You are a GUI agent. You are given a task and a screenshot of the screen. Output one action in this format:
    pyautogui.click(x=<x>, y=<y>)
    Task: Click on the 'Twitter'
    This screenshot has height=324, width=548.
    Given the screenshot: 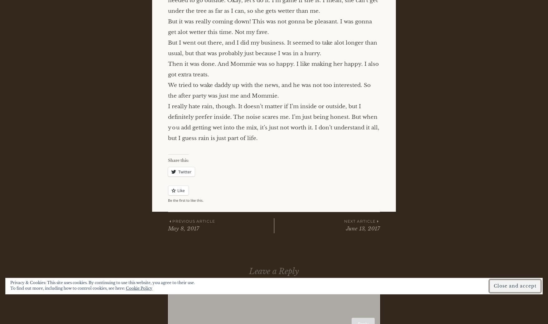 What is the action you would take?
    pyautogui.click(x=185, y=172)
    